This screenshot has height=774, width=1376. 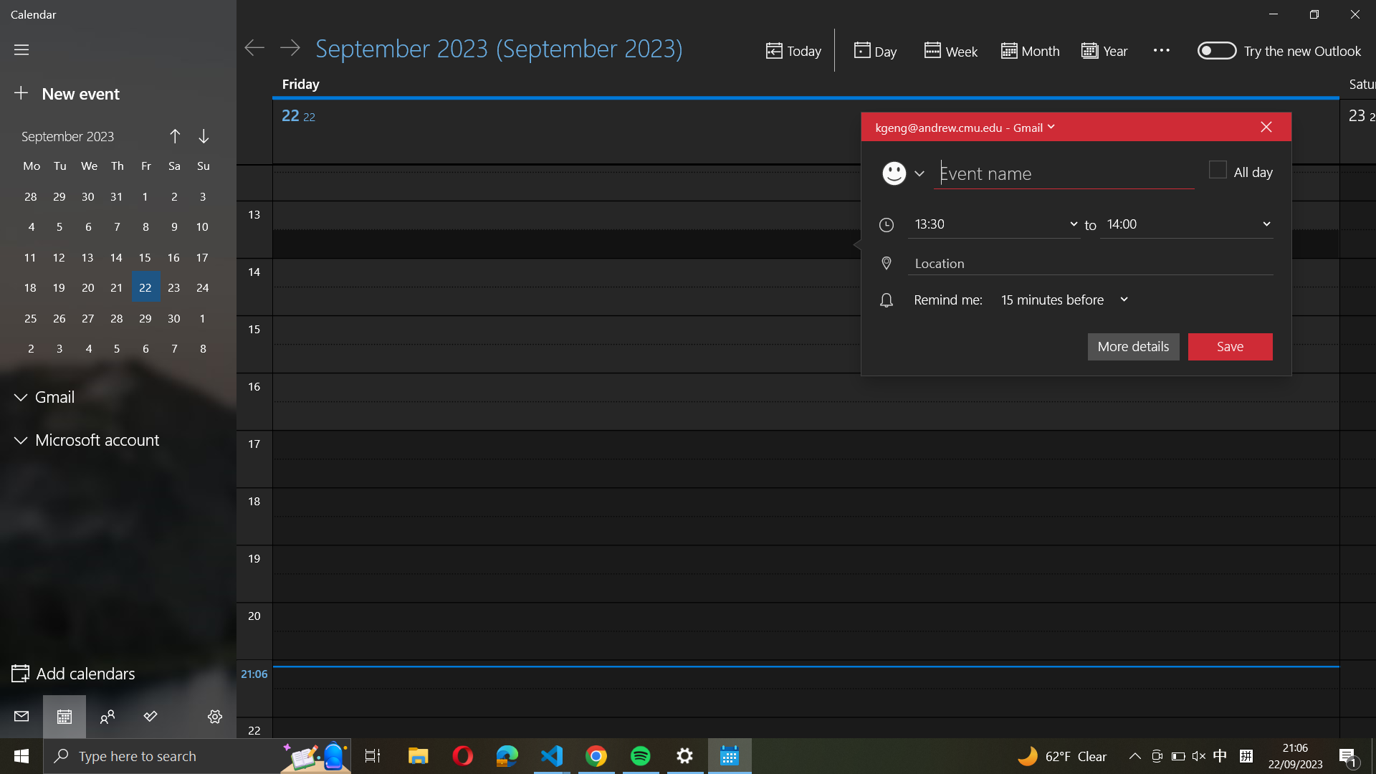 What do you see at coordinates (1107, 49) in the screenshot?
I see `Change calendar view to display the whole year` at bounding box center [1107, 49].